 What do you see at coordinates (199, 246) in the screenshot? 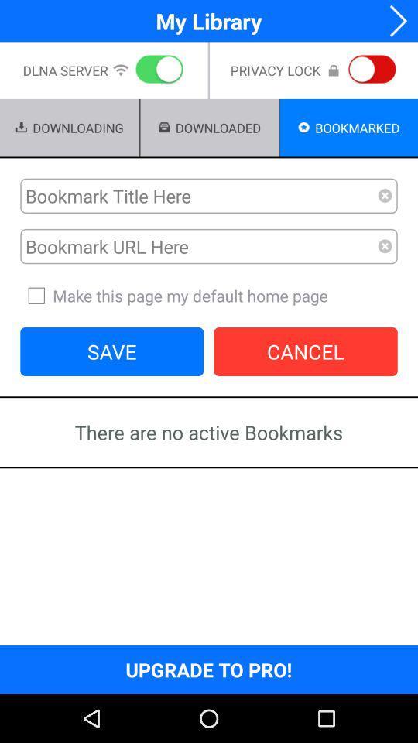
I see `url address` at bounding box center [199, 246].